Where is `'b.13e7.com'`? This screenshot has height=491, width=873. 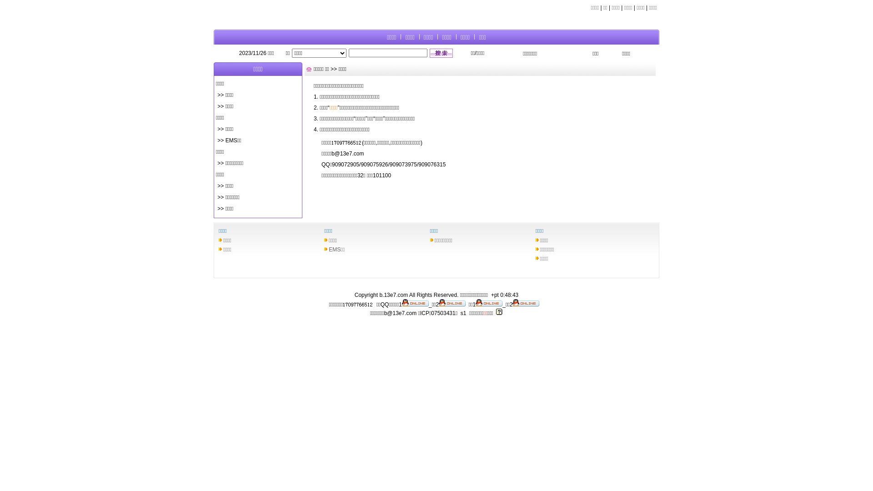 'b.13e7.com' is located at coordinates (393, 295).